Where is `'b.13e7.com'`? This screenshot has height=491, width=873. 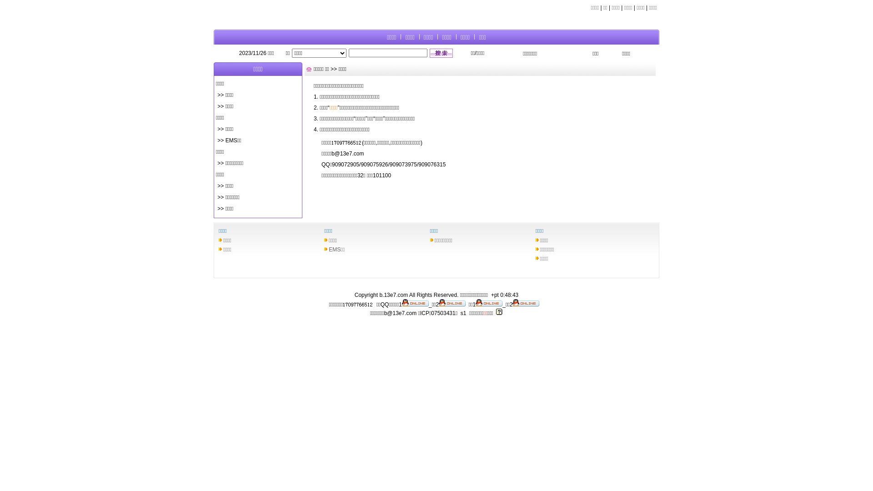 'b.13e7.com' is located at coordinates (393, 295).